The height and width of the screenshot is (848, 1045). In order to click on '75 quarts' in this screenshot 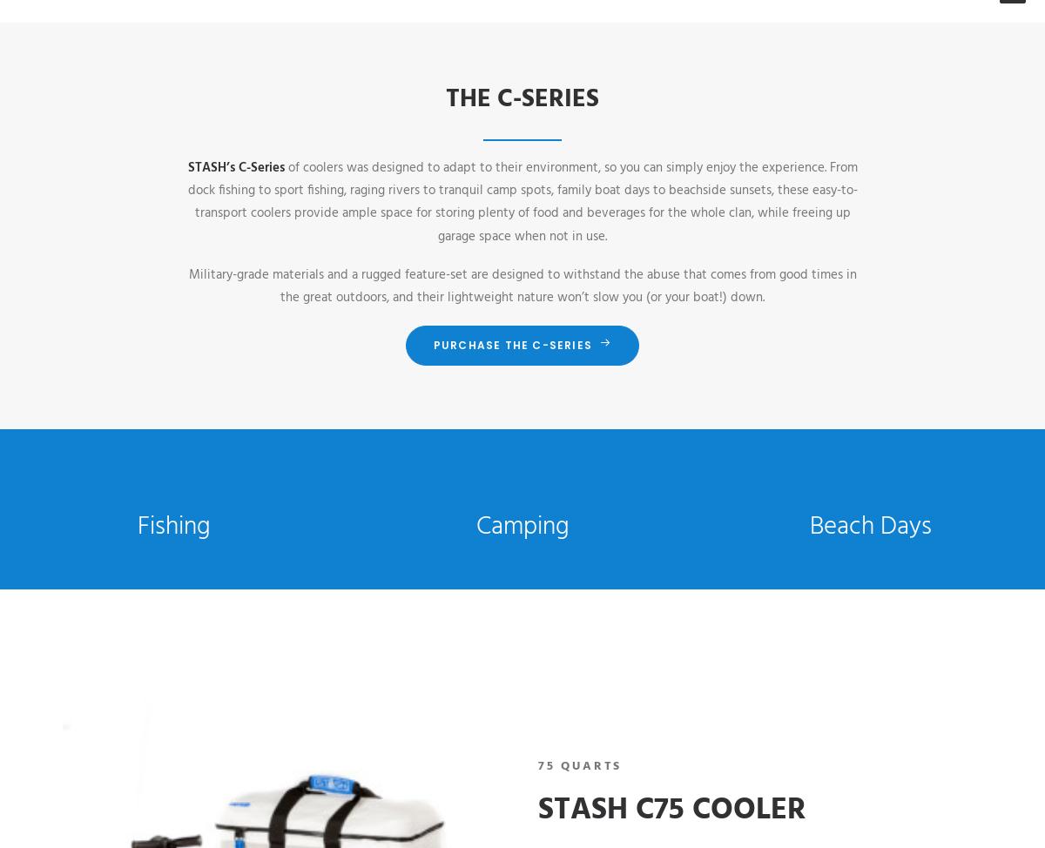, I will do `click(580, 766)`.